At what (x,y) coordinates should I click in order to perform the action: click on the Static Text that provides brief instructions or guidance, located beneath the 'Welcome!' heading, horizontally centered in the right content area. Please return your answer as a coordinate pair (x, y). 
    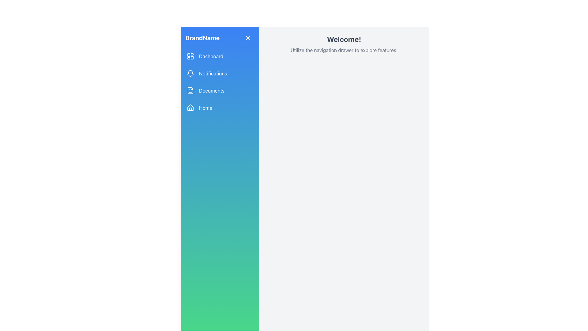
    Looking at the image, I should click on (344, 50).